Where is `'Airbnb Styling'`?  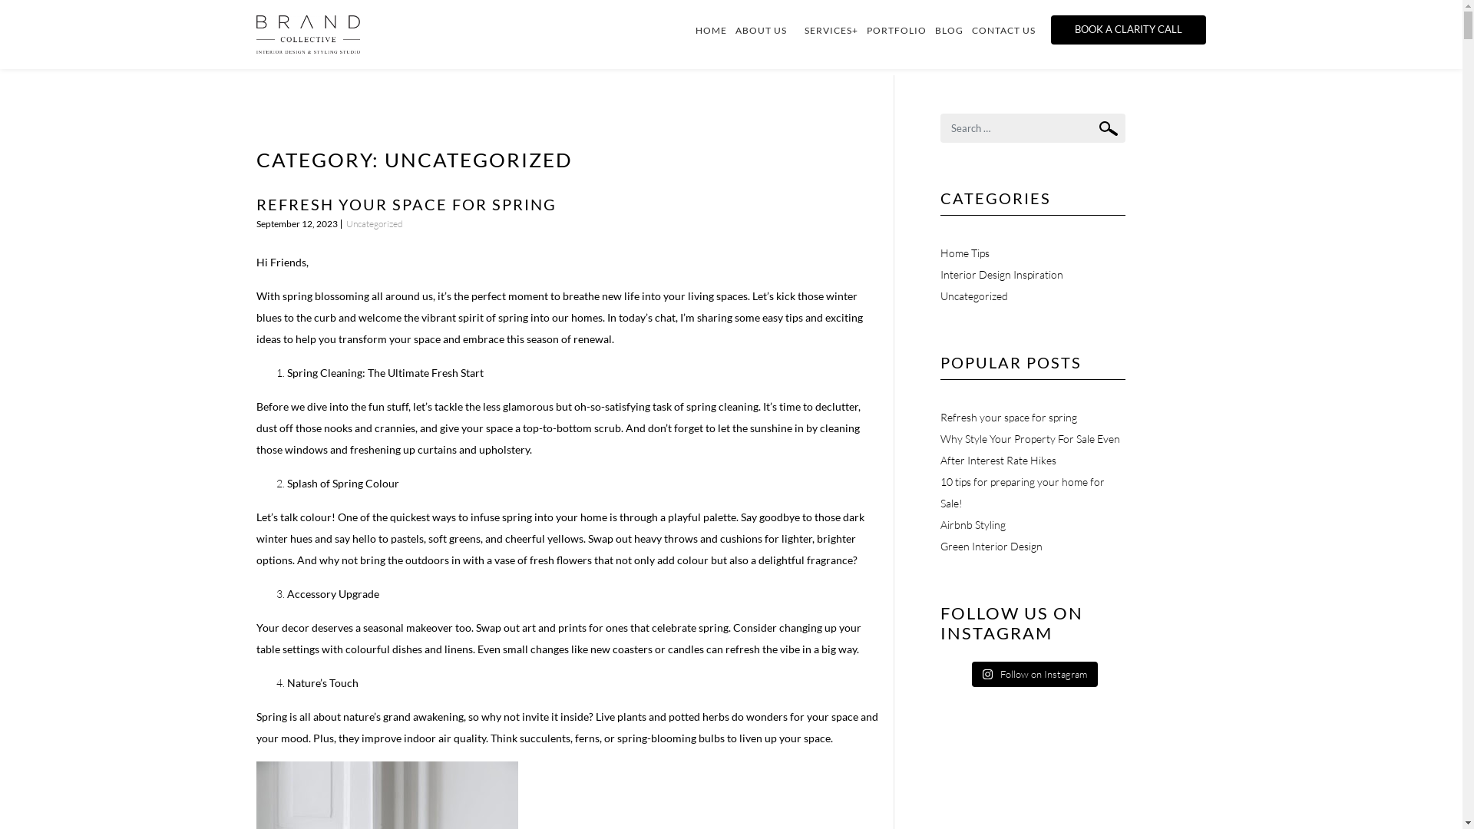
'Airbnb Styling' is located at coordinates (972, 523).